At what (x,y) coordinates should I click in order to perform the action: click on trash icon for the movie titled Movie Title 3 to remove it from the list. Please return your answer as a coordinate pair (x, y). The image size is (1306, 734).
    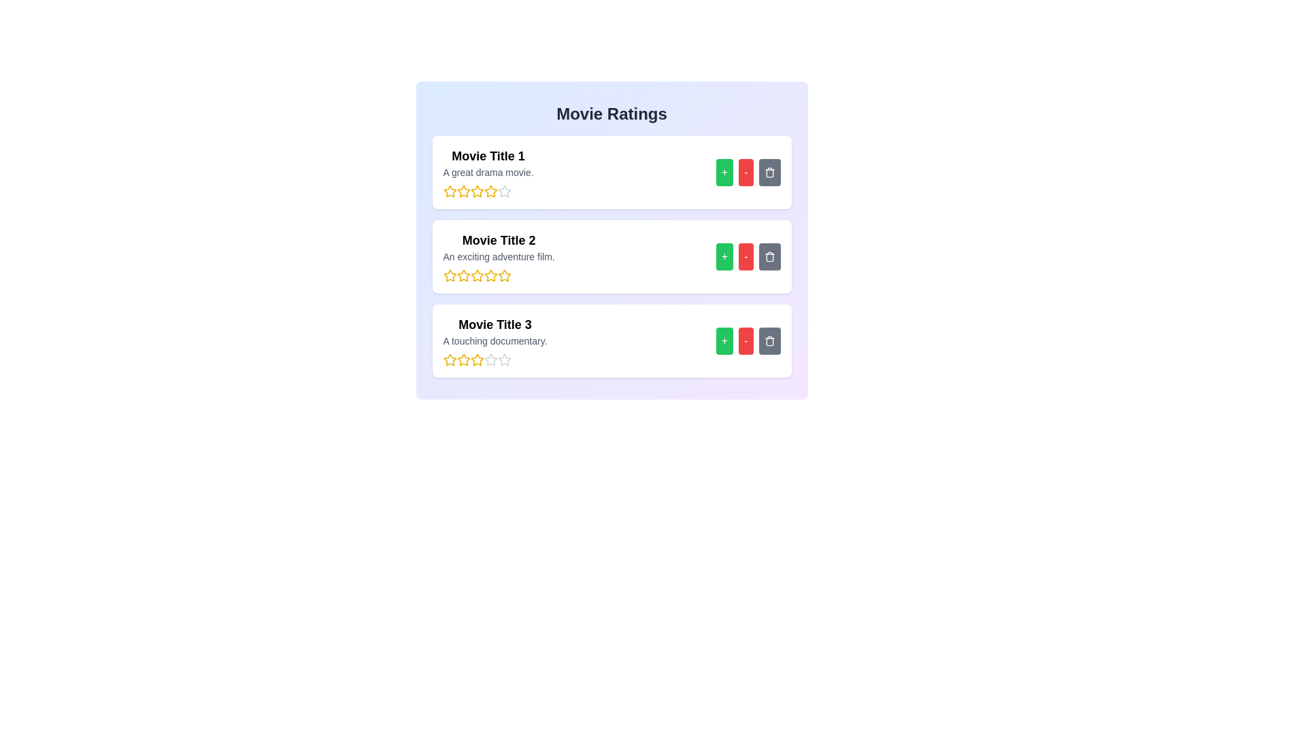
    Looking at the image, I should click on (769, 340).